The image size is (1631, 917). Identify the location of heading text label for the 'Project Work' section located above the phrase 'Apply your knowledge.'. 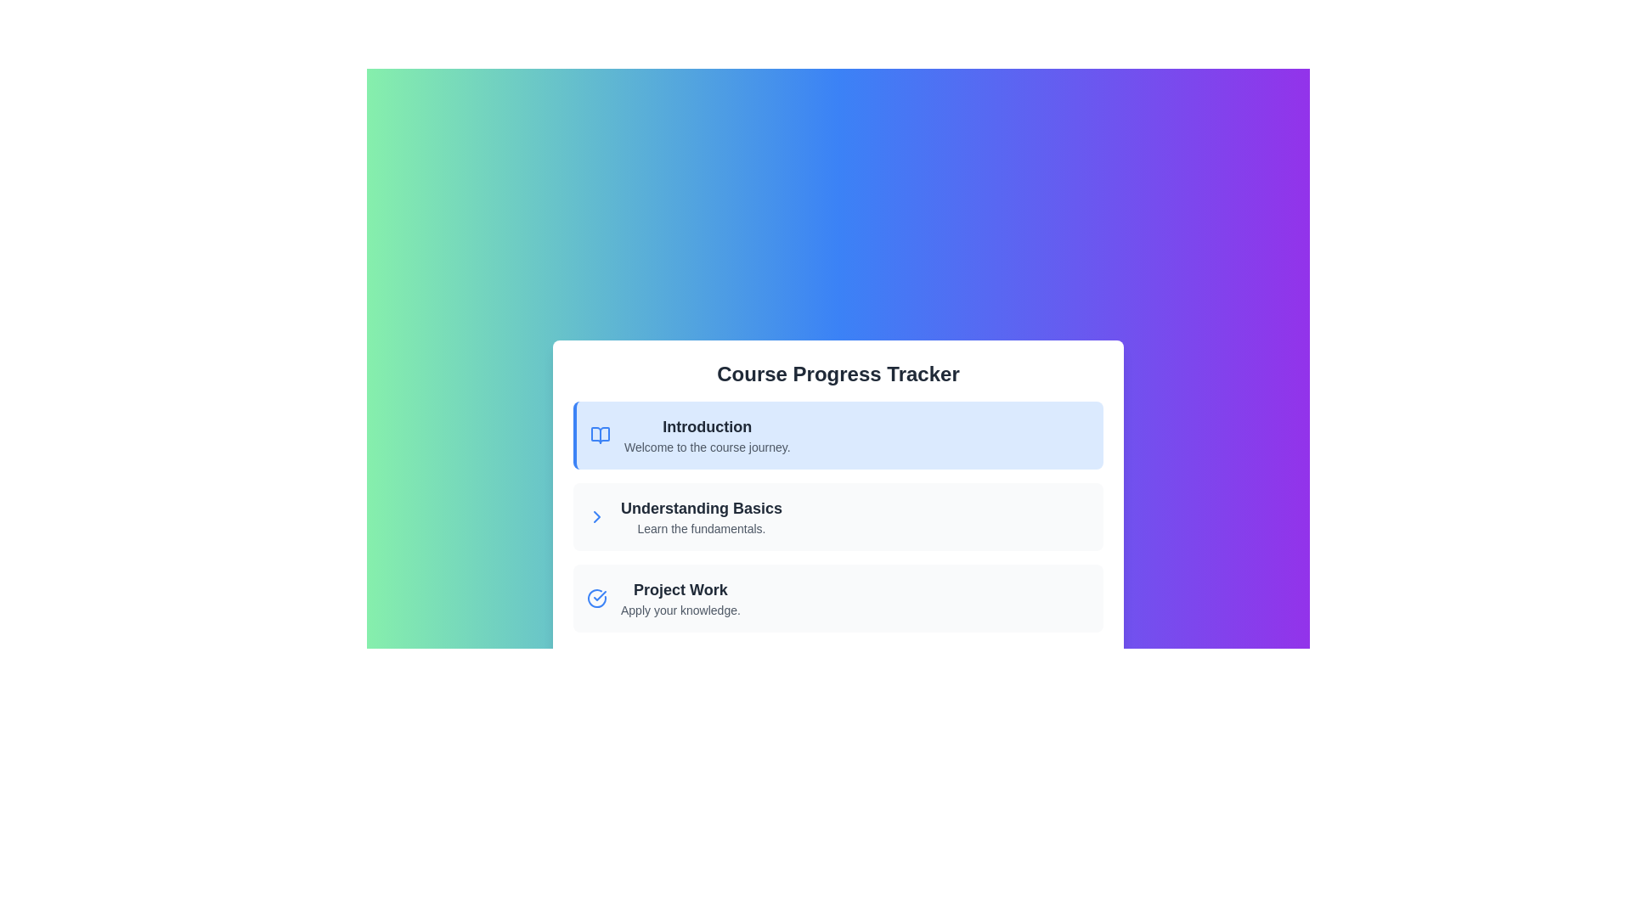
(680, 588).